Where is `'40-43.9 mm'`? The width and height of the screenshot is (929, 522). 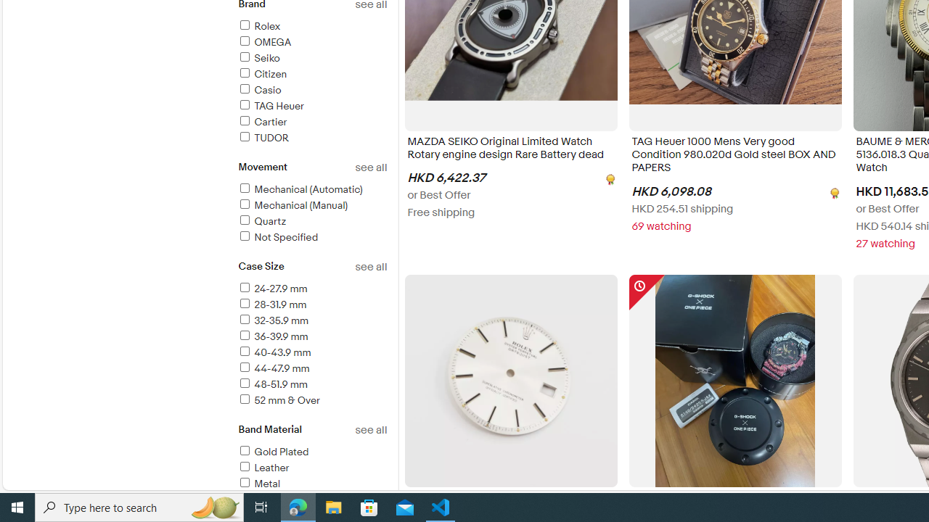 '40-43.9 mm' is located at coordinates (274, 352).